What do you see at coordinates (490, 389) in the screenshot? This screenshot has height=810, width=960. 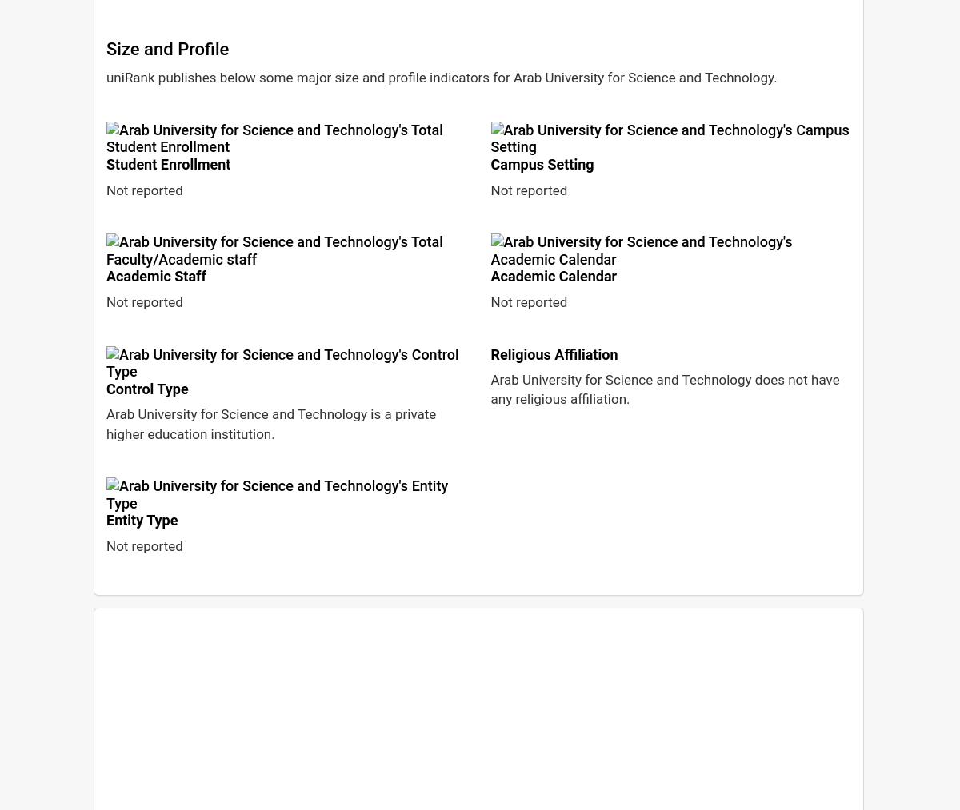 I see `'Arab University for Science and Technology does not have any religious affiliation.'` at bounding box center [490, 389].